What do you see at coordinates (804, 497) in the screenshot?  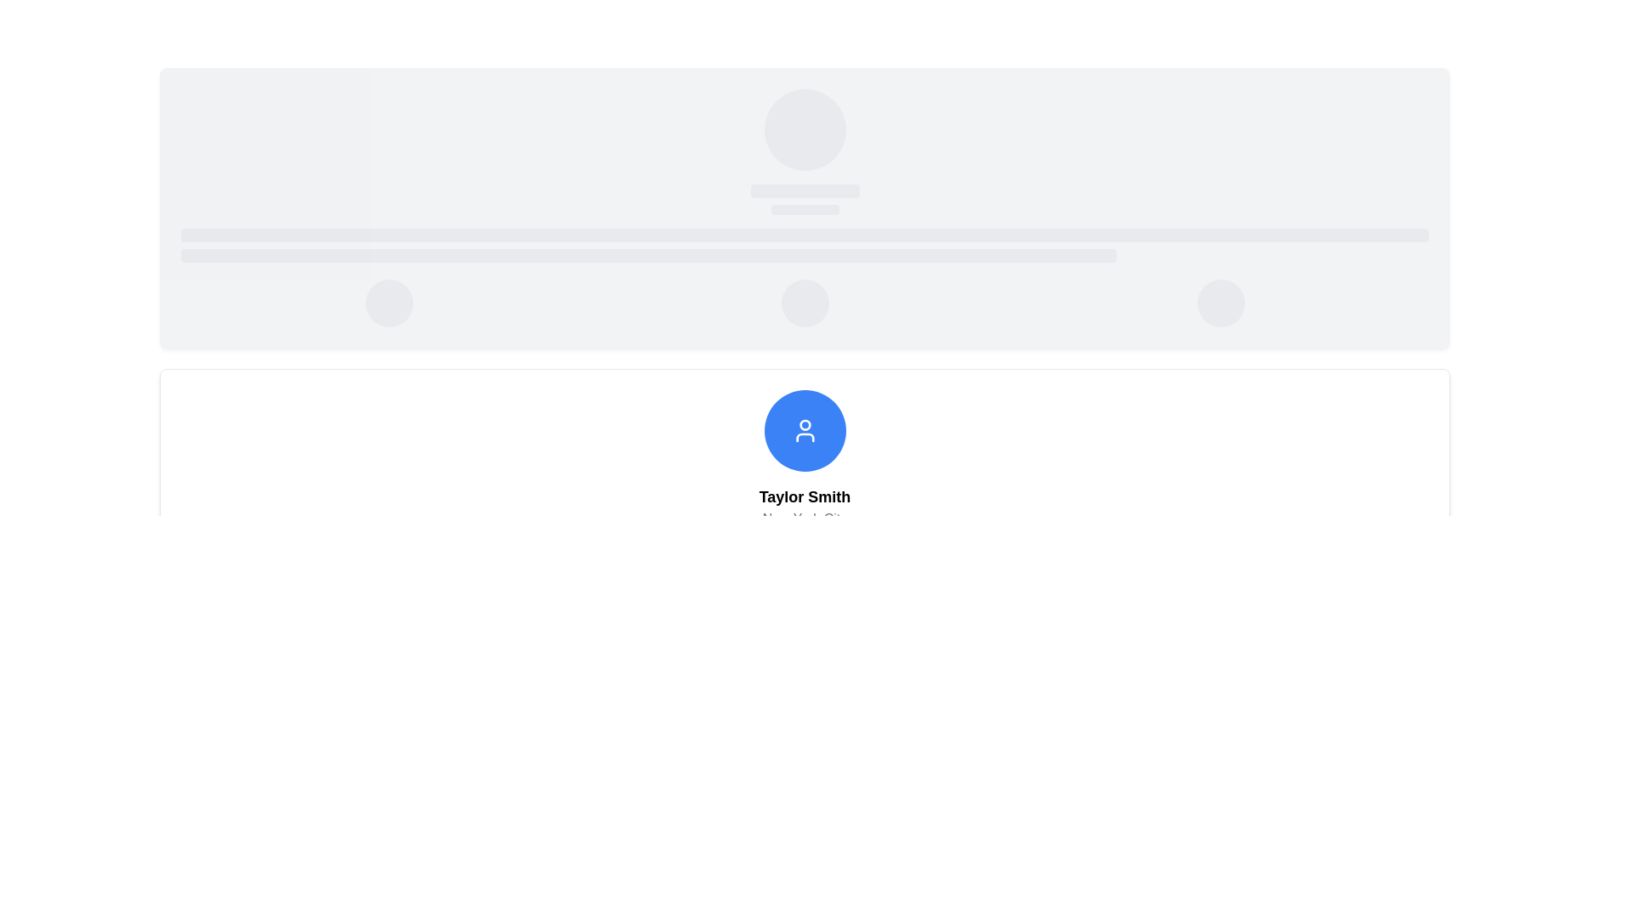 I see `the text label displaying 'Taylor Smith', which is emphasized in bold and larger font, located below a user icon and above the text 'New York City'` at bounding box center [804, 497].